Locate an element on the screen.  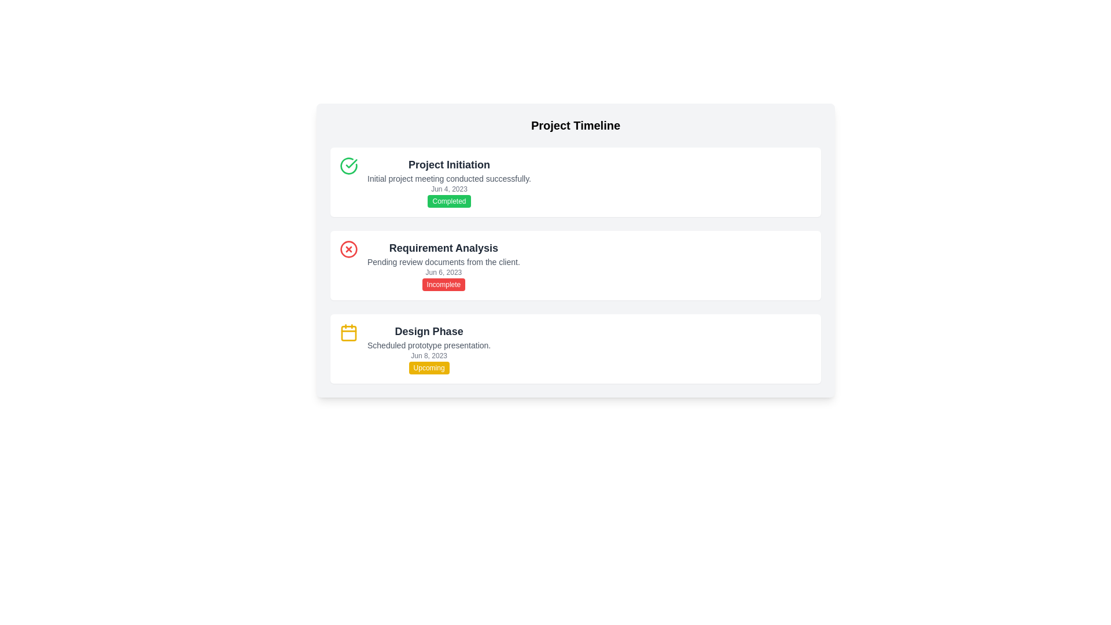
the small yellow rectangular badge with the word 'Upcoming' in white, bold text, located beneath 'Jun 8, 2023' in the timeline section is located at coordinates (428, 368).